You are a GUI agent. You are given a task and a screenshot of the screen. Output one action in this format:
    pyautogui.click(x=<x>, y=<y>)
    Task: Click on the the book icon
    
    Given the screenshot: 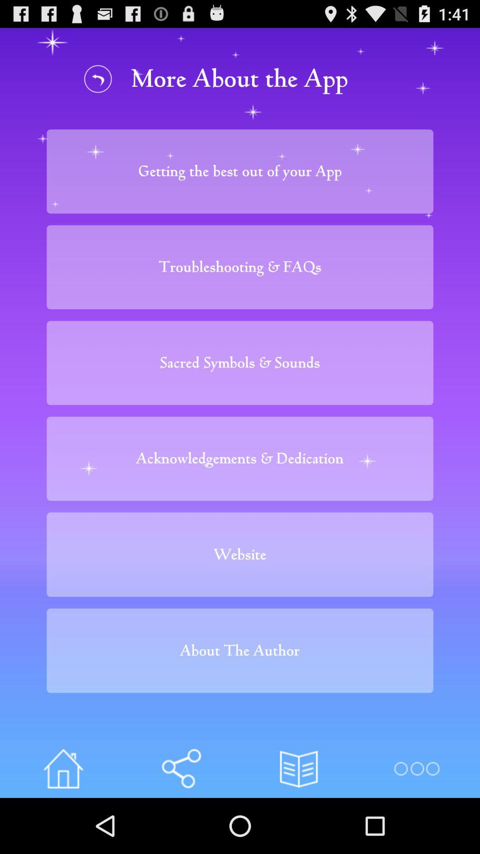 What is the action you would take?
    pyautogui.click(x=299, y=822)
    